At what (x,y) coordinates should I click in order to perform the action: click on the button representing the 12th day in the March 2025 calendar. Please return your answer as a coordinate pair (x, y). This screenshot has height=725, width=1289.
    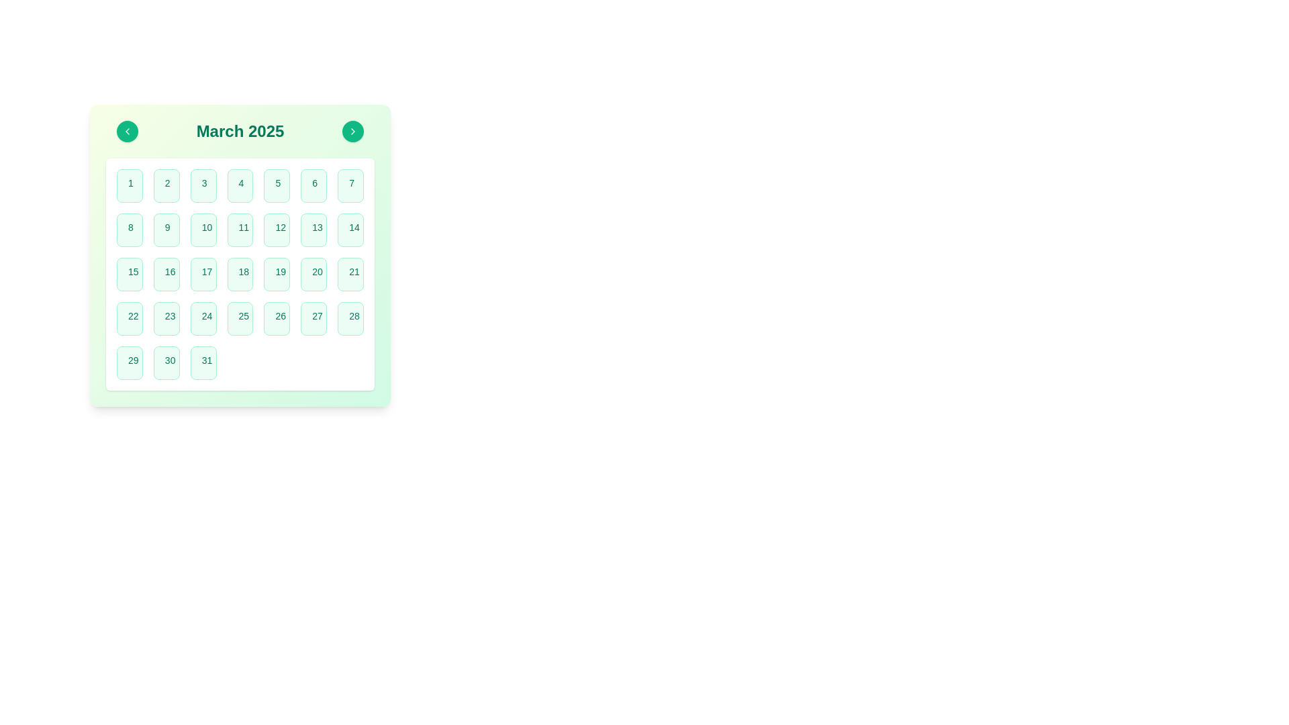
    Looking at the image, I should click on (276, 230).